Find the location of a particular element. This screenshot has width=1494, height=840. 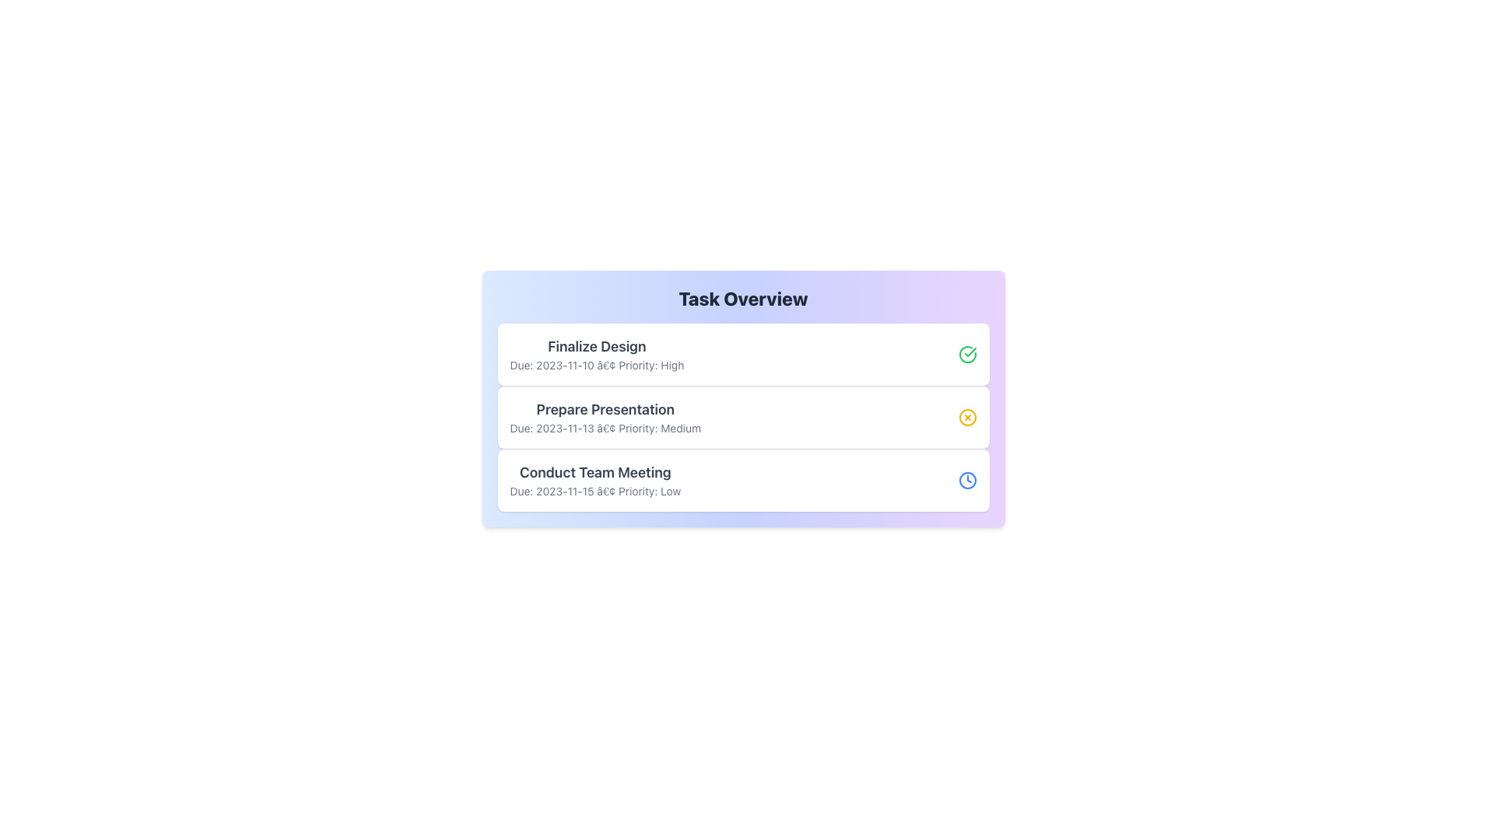

the list item representing the task 'Conduct Team Meeting' is located at coordinates (594, 479).